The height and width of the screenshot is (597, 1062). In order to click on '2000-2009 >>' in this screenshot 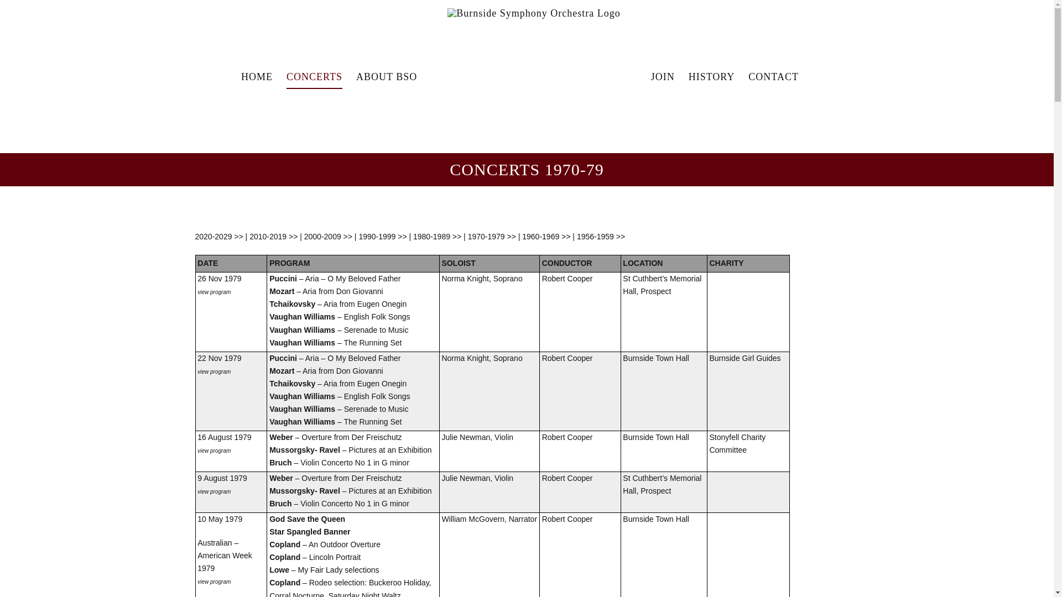, I will do `click(327, 236)`.